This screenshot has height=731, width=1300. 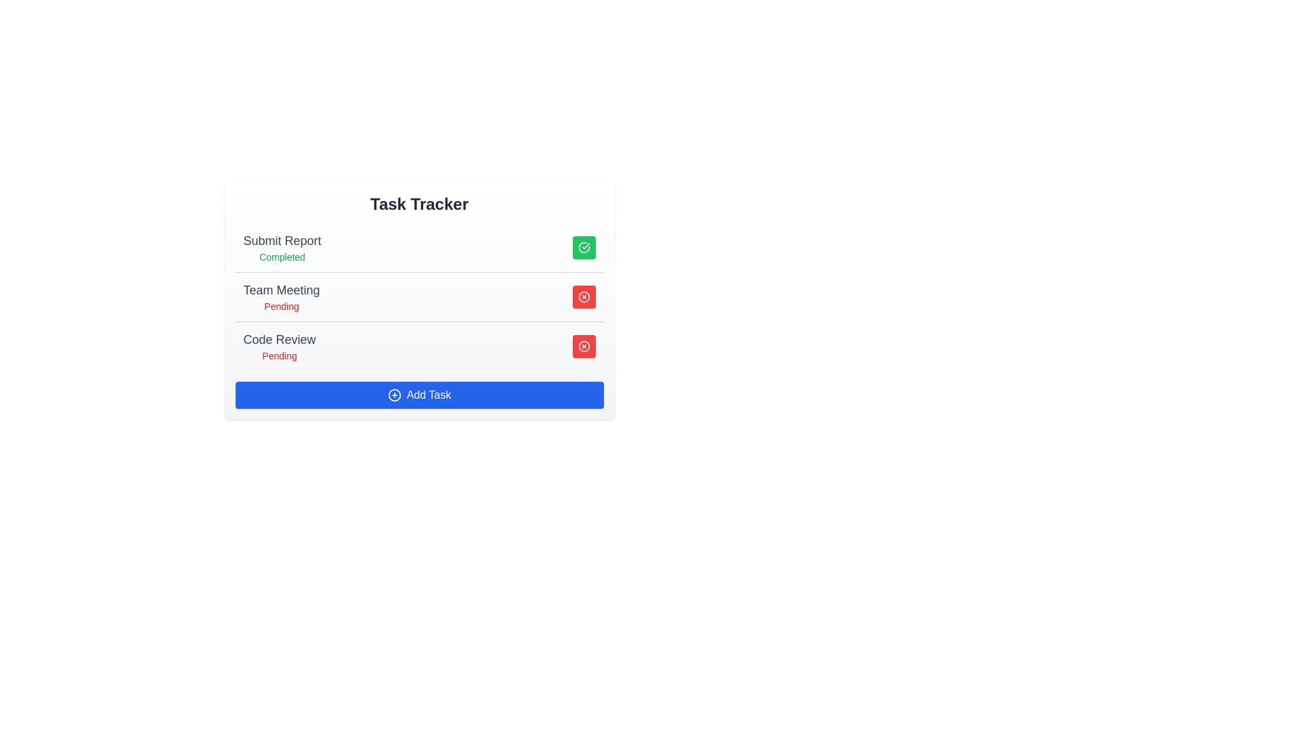 I want to click on task name 'Code Review' and its status 'Pending' from the third task entry in the Task Tracker section, so click(x=418, y=345).